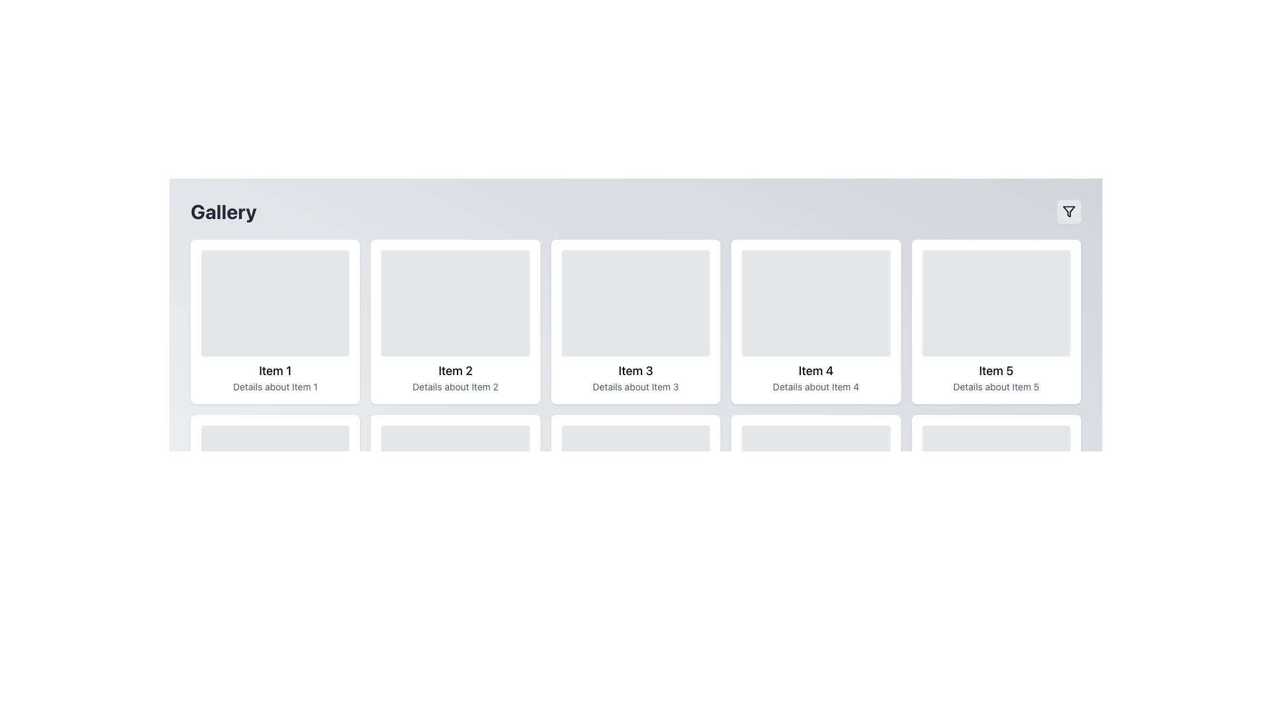  I want to click on the filter icon located in the upper-right corner of the user interface, so click(1068, 211).